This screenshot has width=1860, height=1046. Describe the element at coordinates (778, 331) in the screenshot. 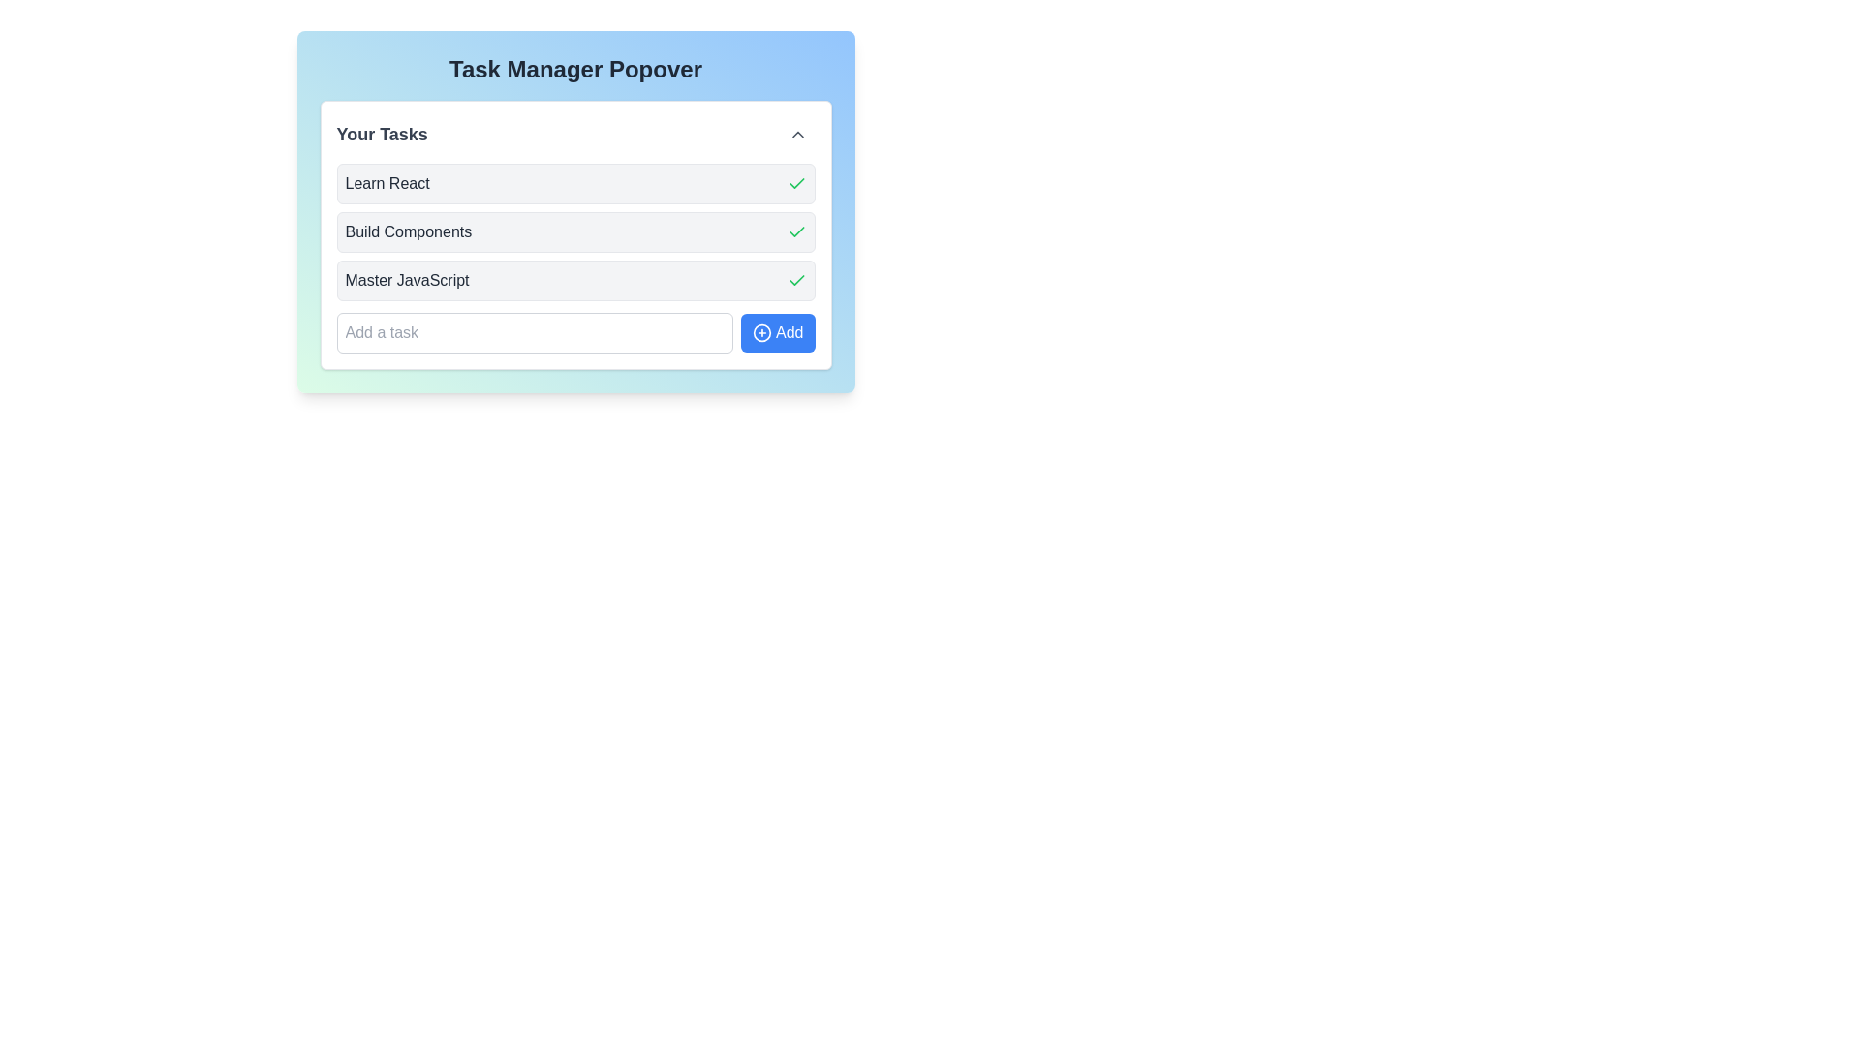

I see `the blue 'Add' button with rounded corners and a plus icon` at that location.